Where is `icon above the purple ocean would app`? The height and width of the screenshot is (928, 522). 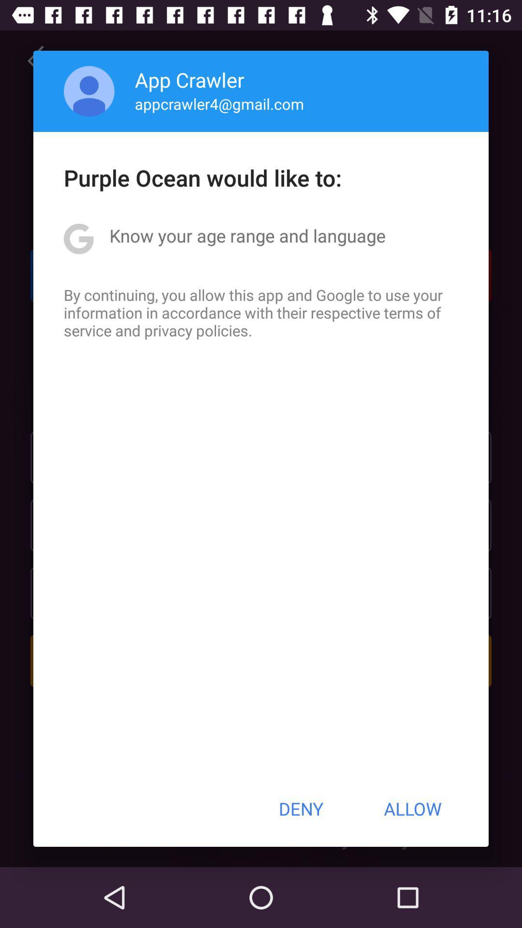 icon above the purple ocean would app is located at coordinates (89, 91).